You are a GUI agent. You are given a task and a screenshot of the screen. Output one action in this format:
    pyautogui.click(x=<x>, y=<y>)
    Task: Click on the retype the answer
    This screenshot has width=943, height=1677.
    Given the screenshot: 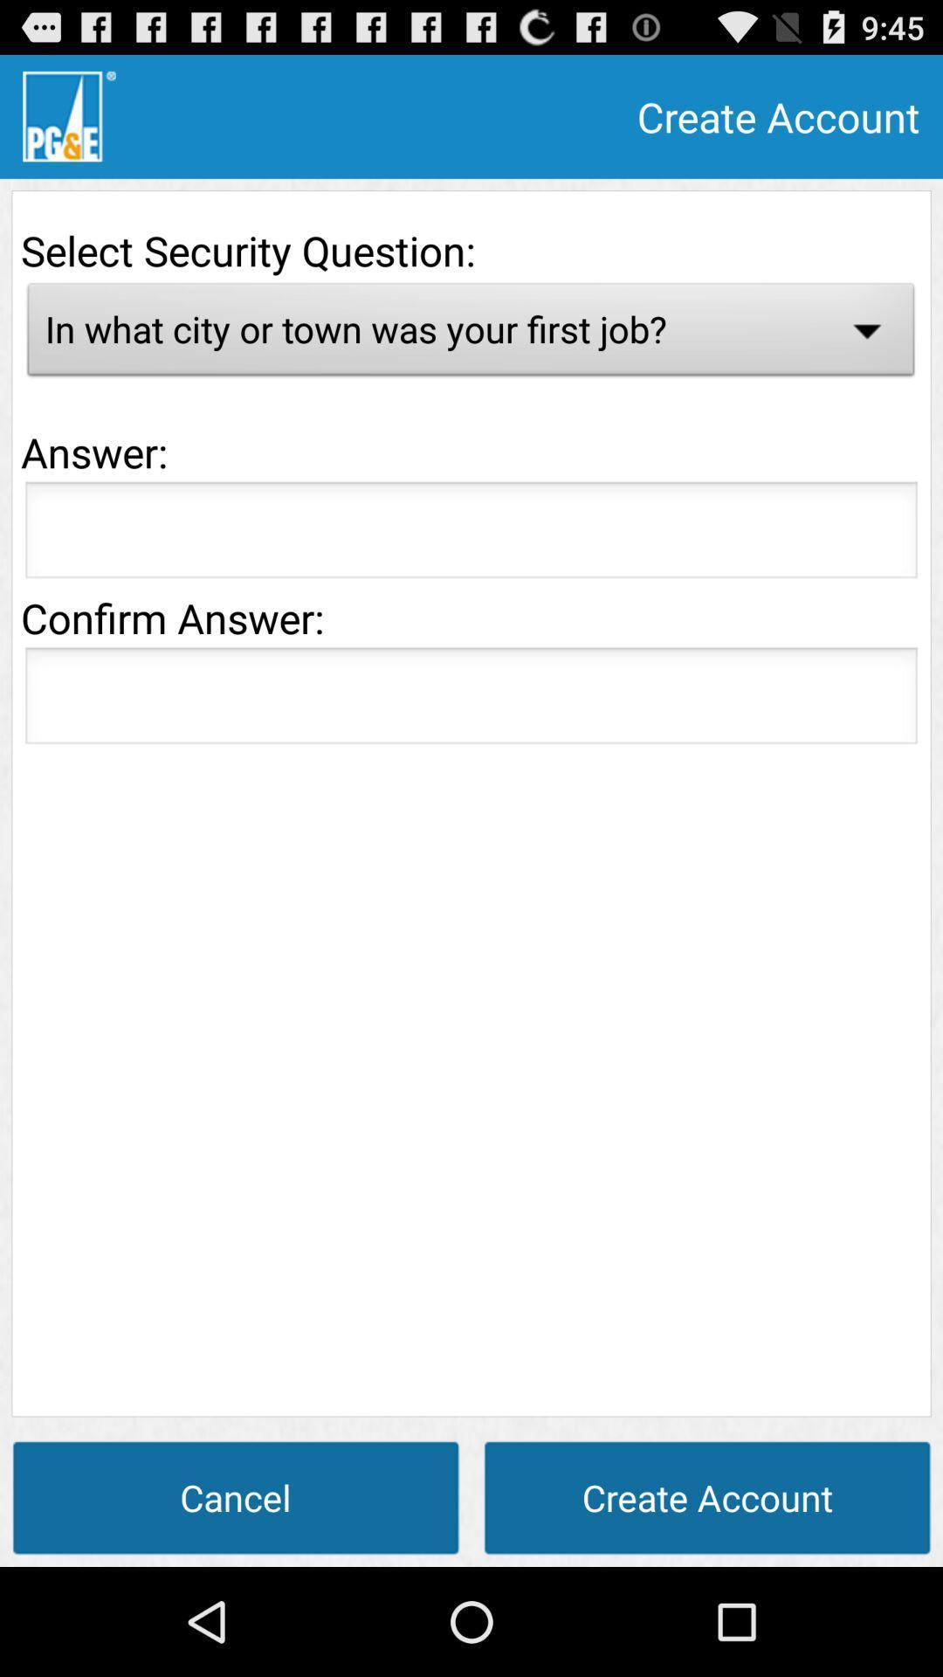 What is the action you would take?
    pyautogui.click(x=471, y=700)
    